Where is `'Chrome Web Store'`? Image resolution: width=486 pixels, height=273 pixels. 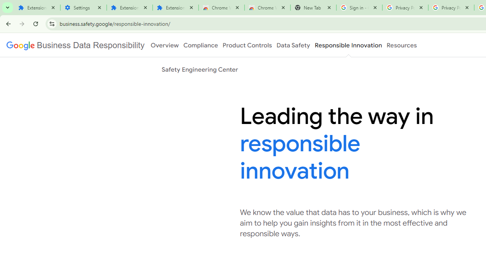
'Chrome Web Store' is located at coordinates (221, 8).